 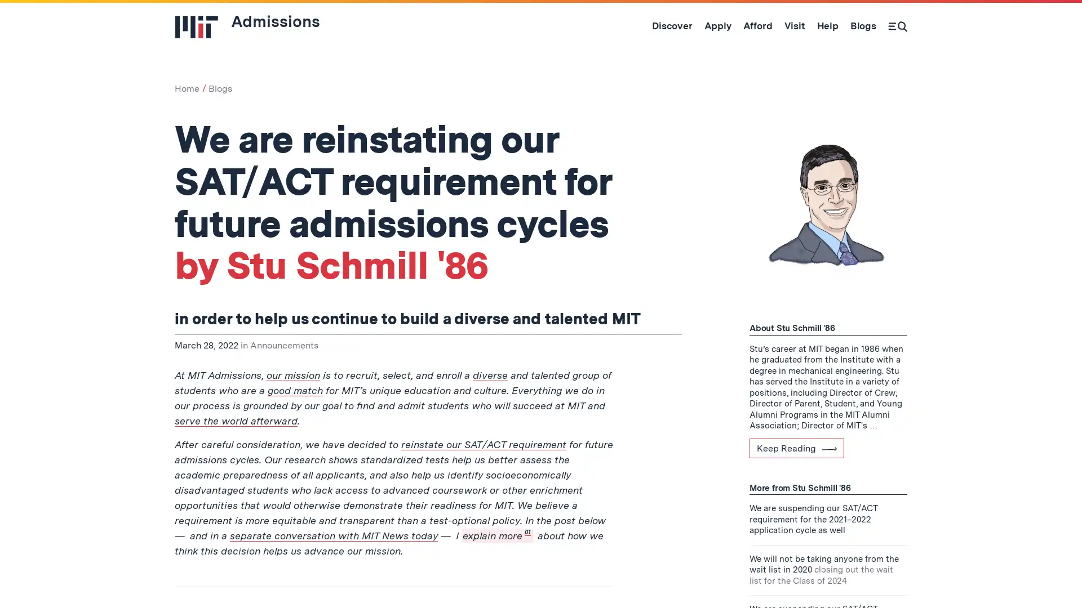 What do you see at coordinates (897, 25) in the screenshot?
I see `Magnifying glass icon next to a menu icon Open Search Form` at bounding box center [897, 25].